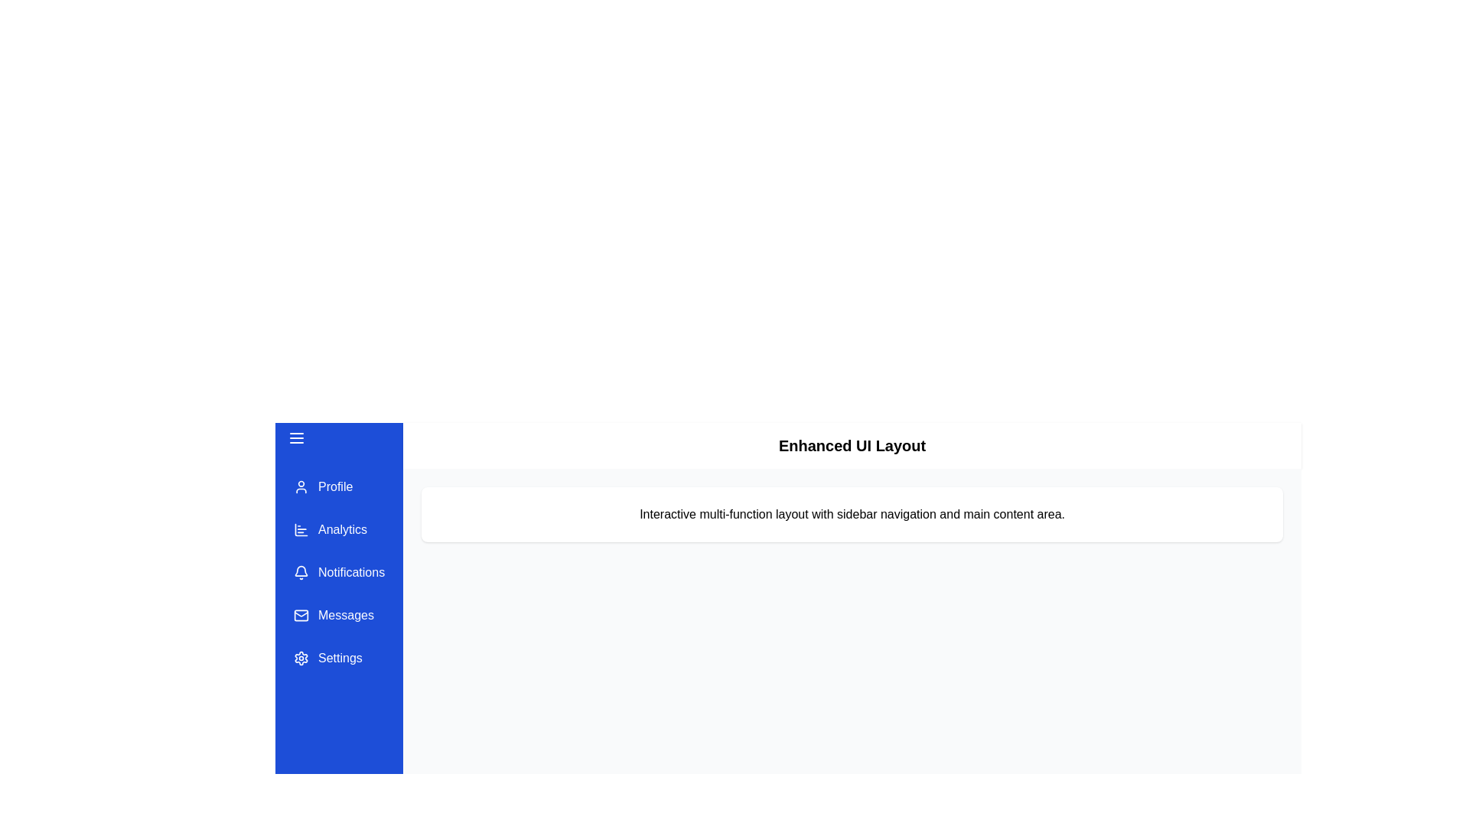 This screenshot has height=826, width=1469. Describe the element at coordinates (301, 657) in the screenshot. I see `the 'Settings' icon located in the left sidebar adjacent to the 'Settings' label` at that location.